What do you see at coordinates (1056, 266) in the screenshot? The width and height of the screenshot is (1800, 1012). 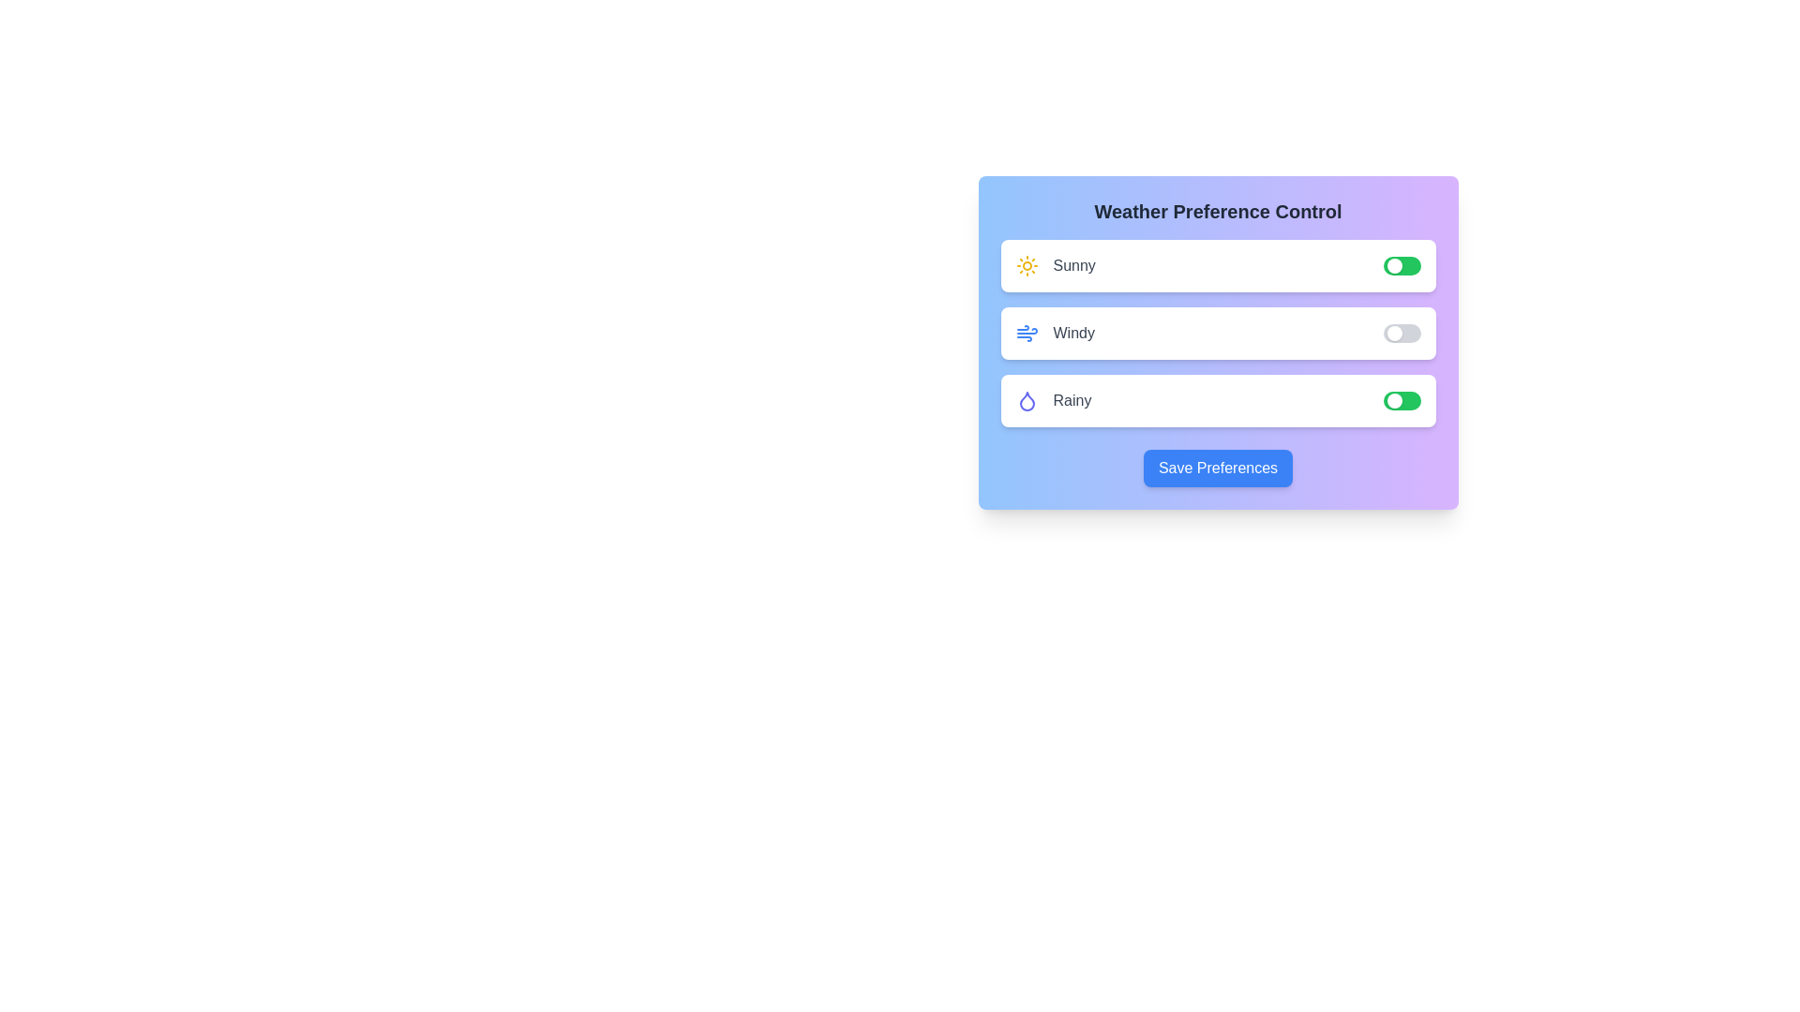 I see `the text label for Sunny` at bounding box center [1056, 266].